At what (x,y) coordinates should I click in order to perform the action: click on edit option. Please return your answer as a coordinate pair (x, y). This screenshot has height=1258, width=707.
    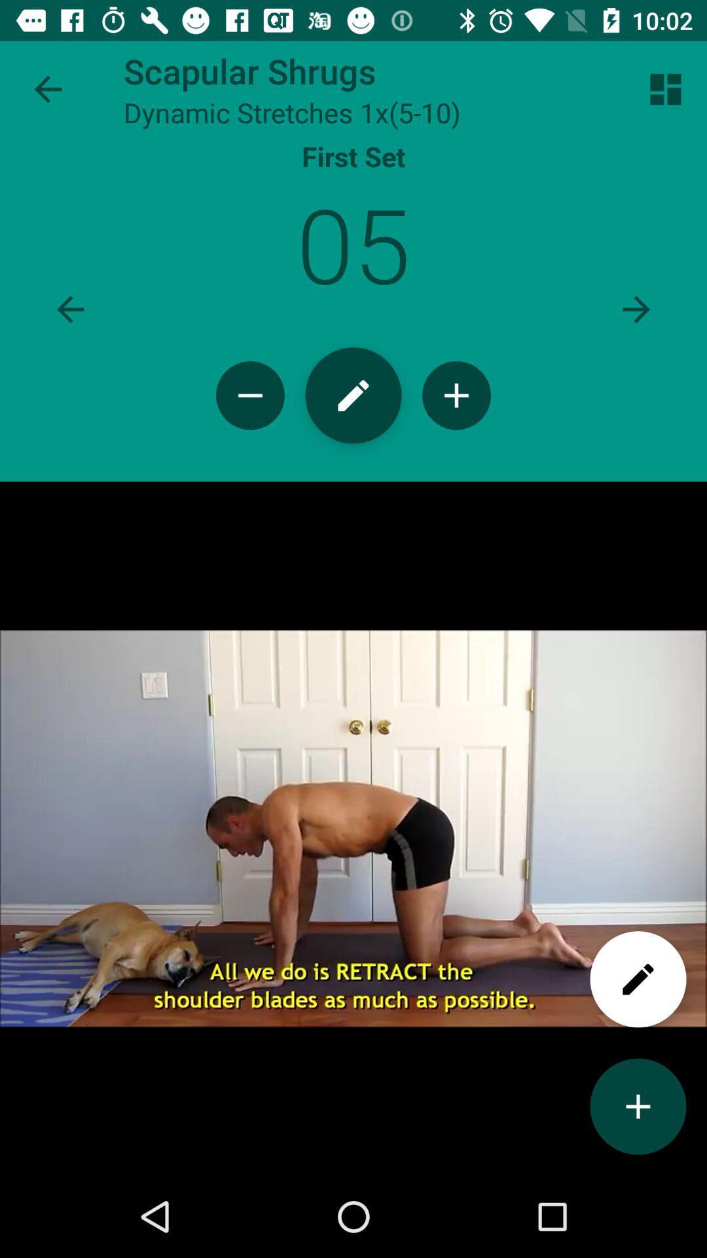
    Looking at the image, I should click on (638, 979).